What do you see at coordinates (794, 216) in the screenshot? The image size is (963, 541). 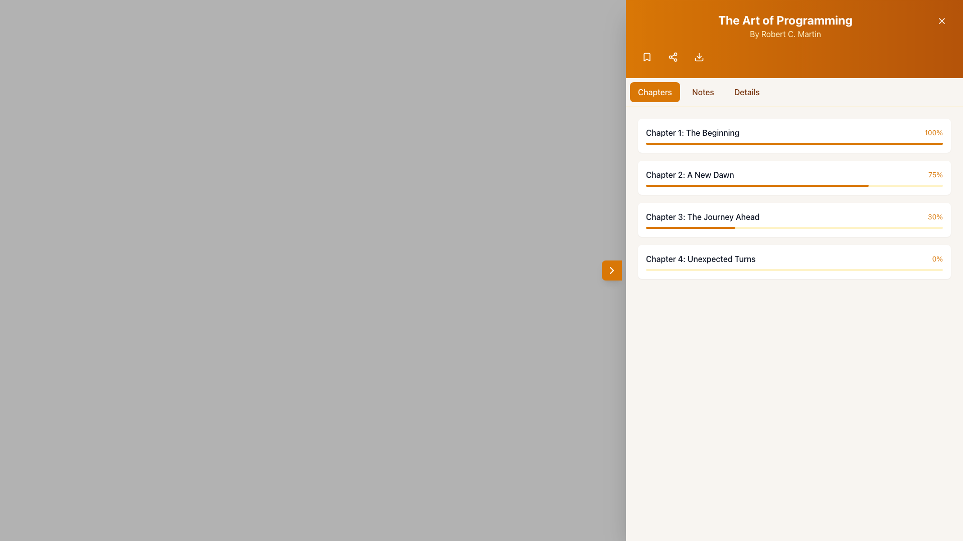 I see `the displayed progress information in the label titled 'Chapter 3: The Journey Ahead,' which shows '30%' on the right in orange color` at bounding box center [794, 216].